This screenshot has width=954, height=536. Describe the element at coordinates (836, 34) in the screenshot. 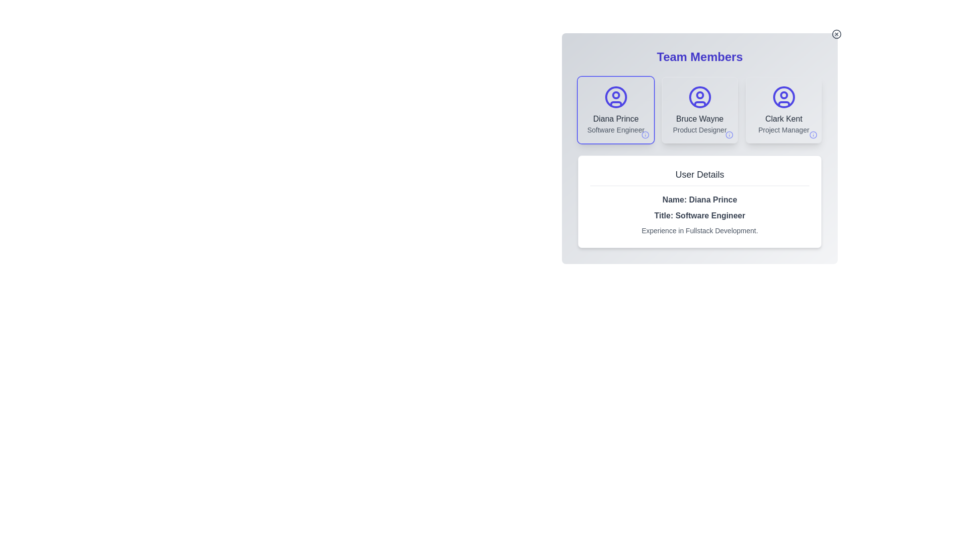

I see `the circular icon with a 10-unit radius located at the top-right corner of the main content box, part of an SVG graphic, which transitions to red upon hover` at that location.